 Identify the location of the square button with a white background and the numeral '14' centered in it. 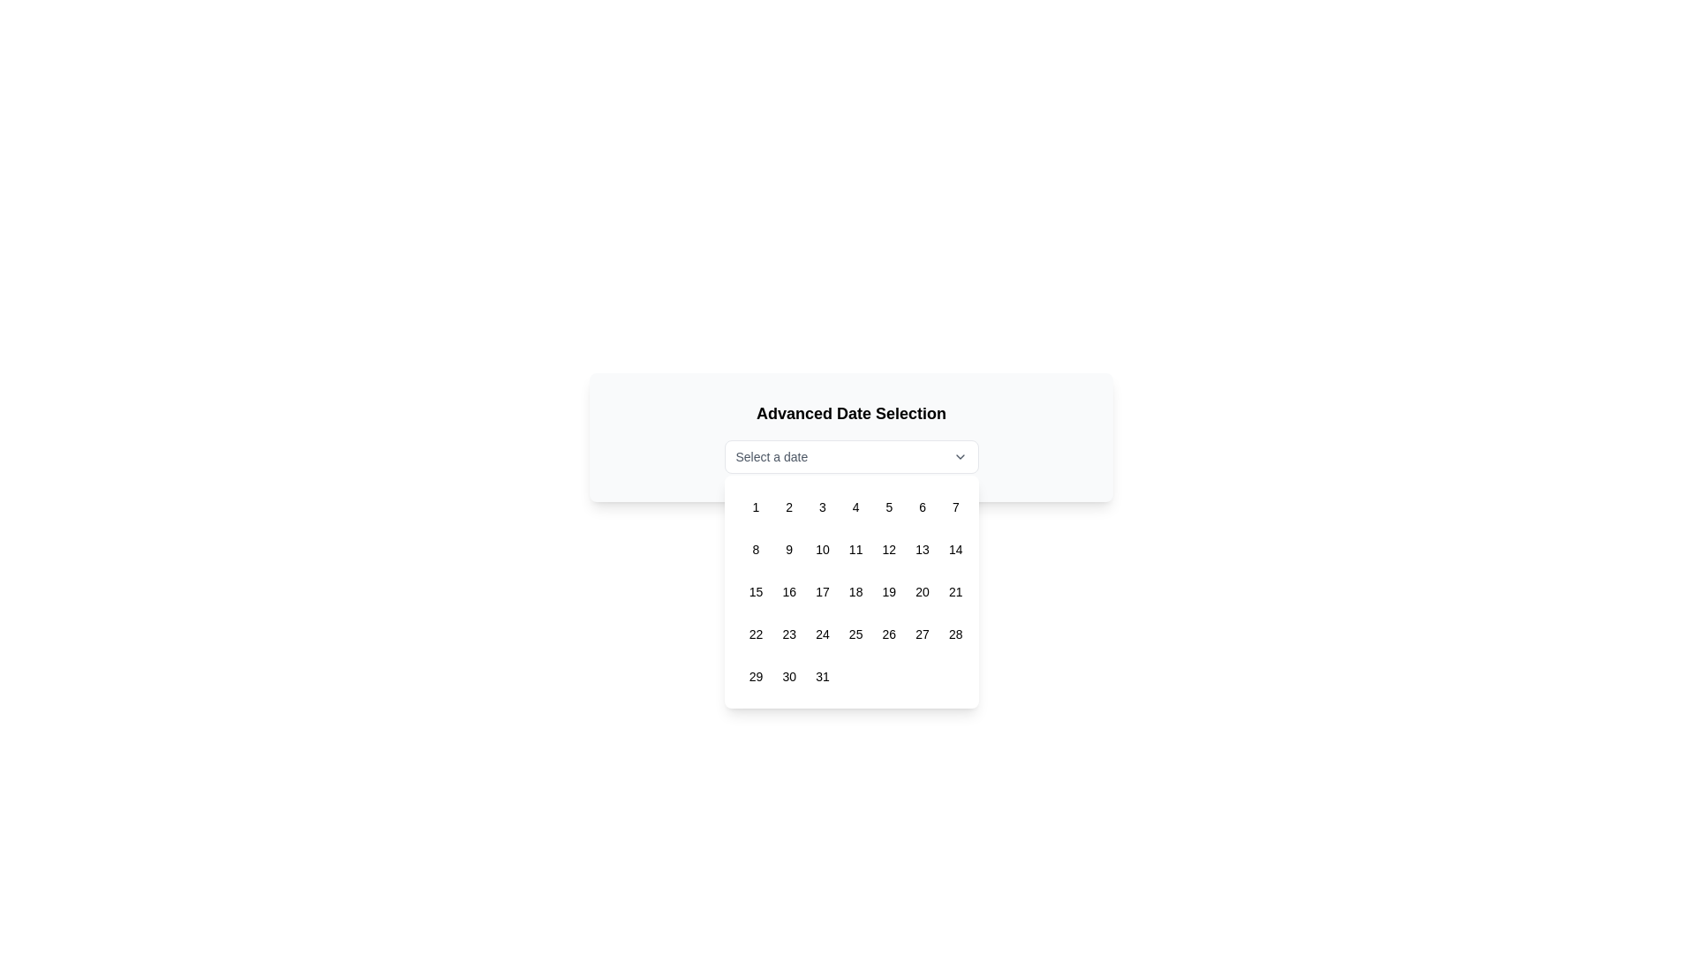
(954, 549).